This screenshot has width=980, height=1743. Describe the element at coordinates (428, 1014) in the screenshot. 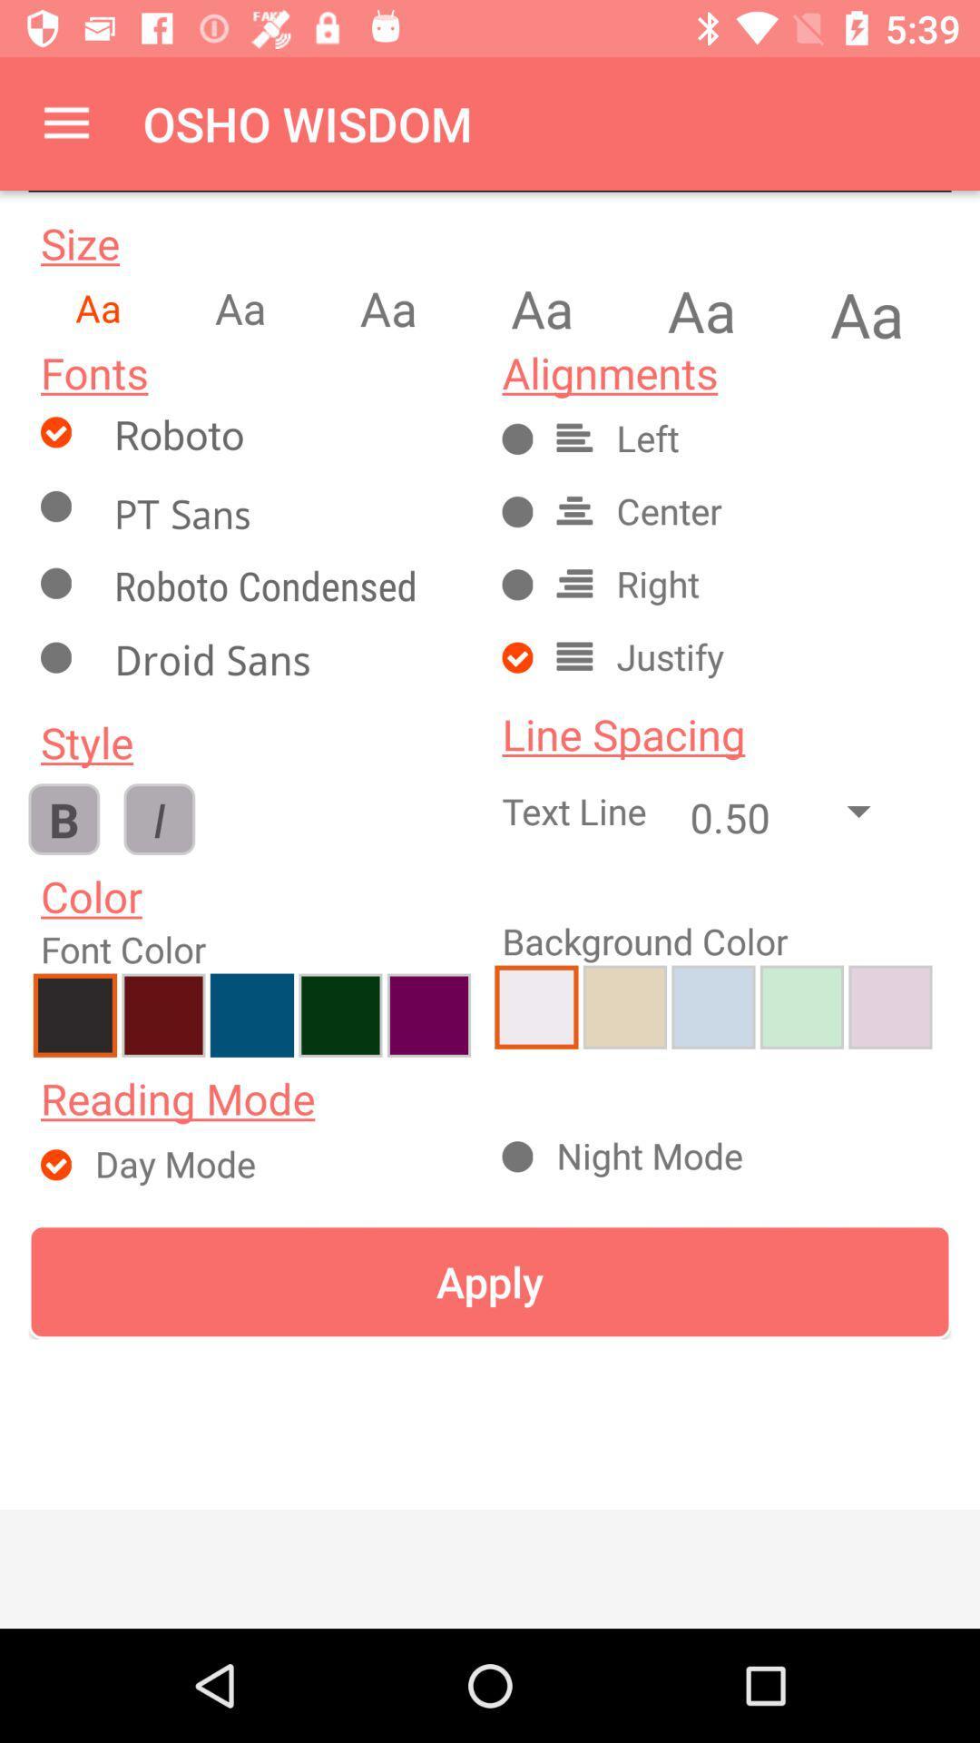

I see `use the fifth square from left to make the font color purple` at that location.